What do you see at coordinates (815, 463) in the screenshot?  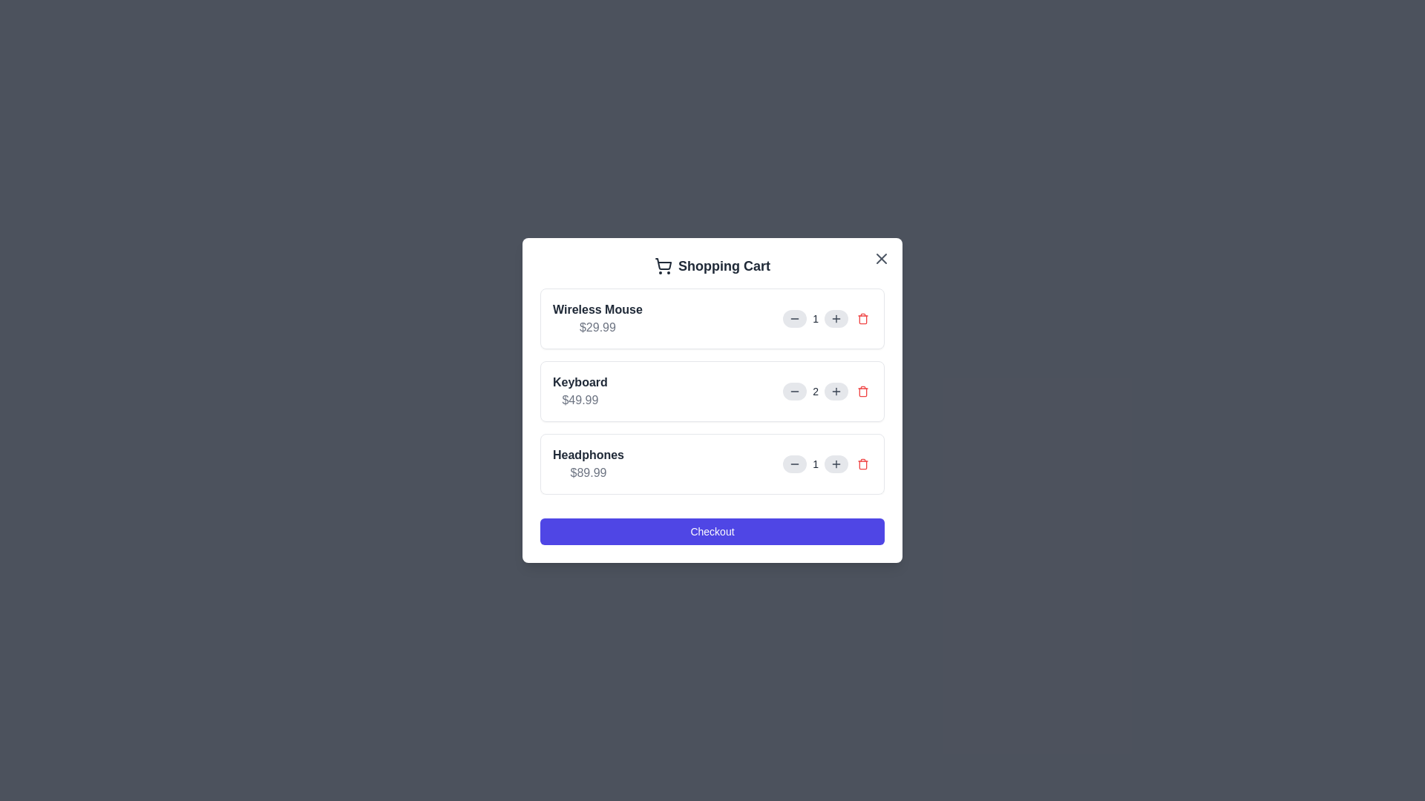 I see `the current quantity displayed in the text label containing the numeral '1', which is styled in gray and positioned between the decrement and increment buttons in a quantity adjustment panel` at bounding box center [815, 463].